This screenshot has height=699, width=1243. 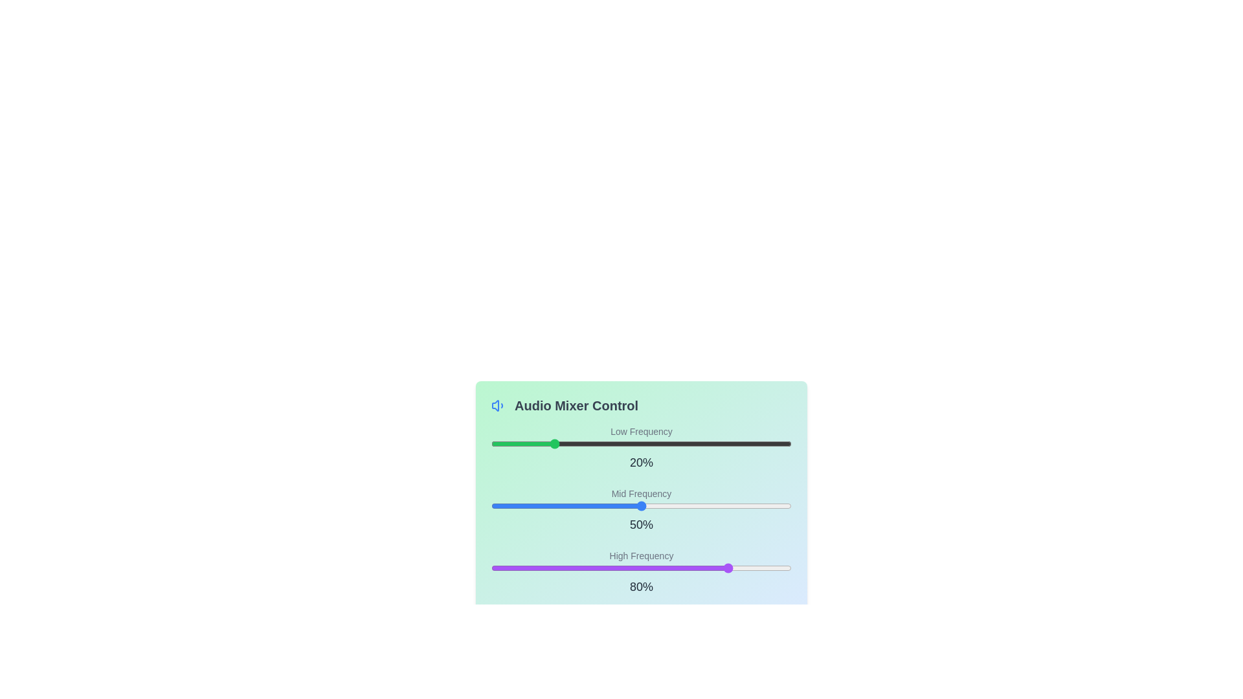 I want to click on the 'Mid Frequency' slider, so click(x=647, y=505).